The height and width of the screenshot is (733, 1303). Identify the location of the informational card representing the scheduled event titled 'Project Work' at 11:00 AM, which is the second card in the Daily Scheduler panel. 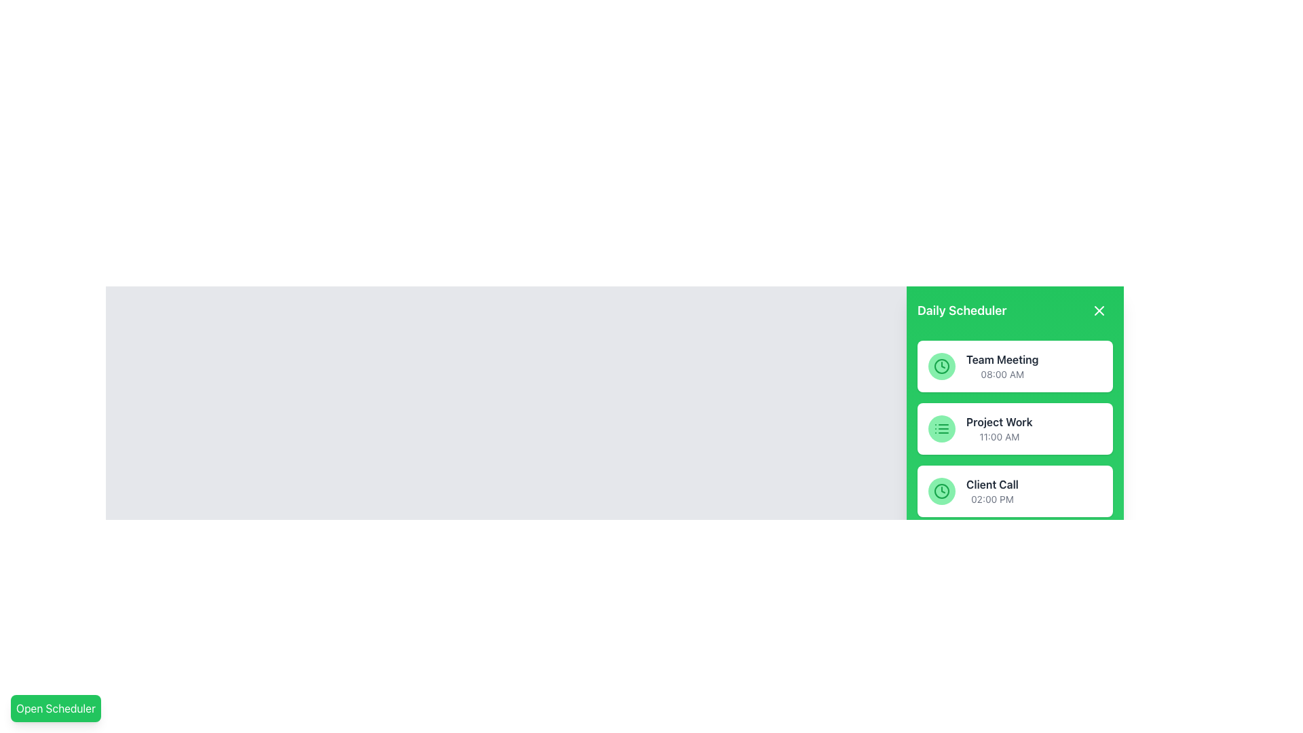
(1015, 429).